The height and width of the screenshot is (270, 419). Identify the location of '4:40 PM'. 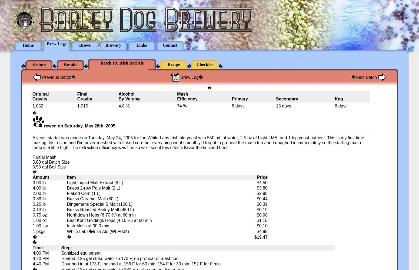
(41, 264).